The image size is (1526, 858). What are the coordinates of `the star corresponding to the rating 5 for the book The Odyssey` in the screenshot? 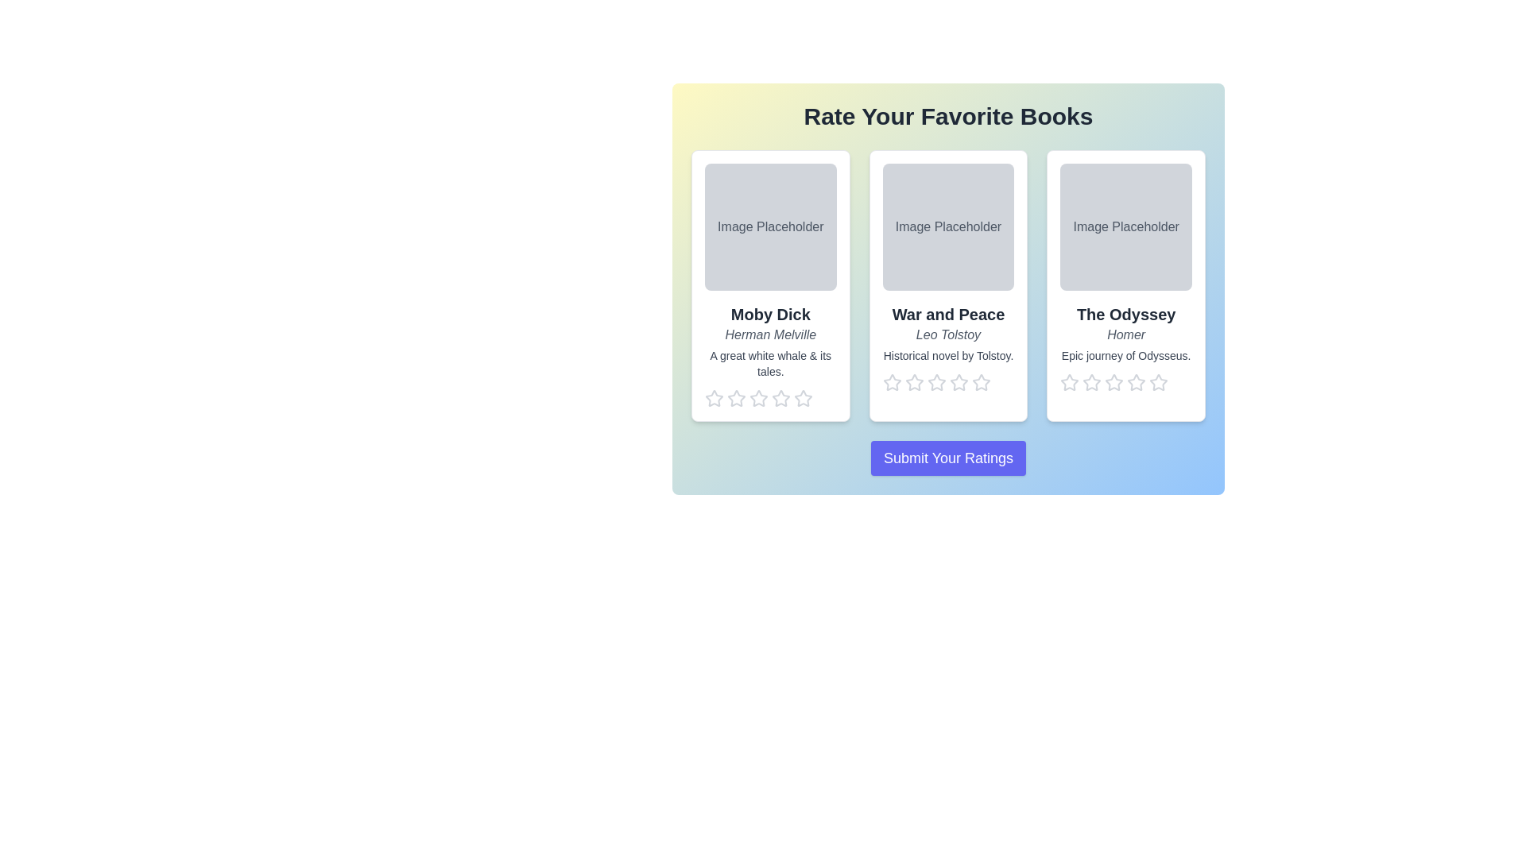 It's located at (1159, 383).